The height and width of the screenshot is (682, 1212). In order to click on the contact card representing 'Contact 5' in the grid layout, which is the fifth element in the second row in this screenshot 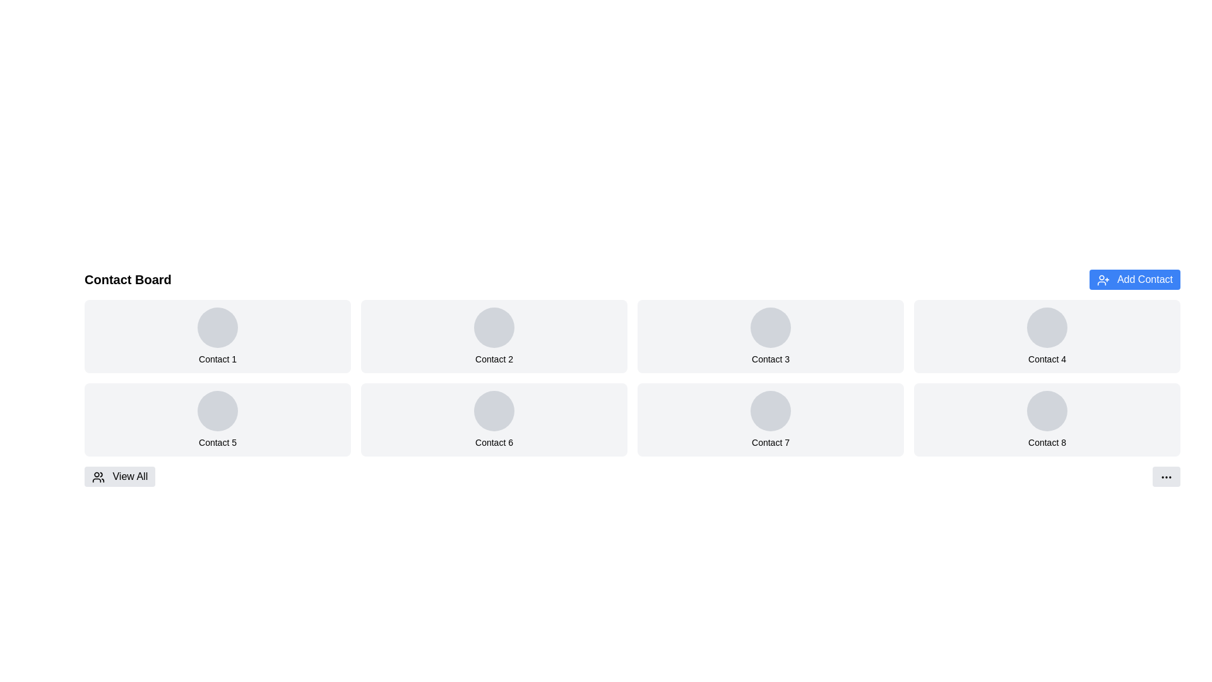, I will do `click(218, 419)`.